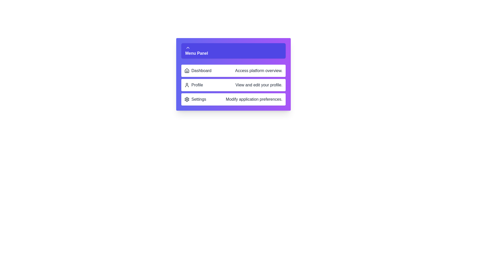 This screenshot has height=276, width=491. What do you see at coordinates (233, 99) in the screenshot?
I see `the menu item corresponding to Settings` at bounding box center [233, 99].